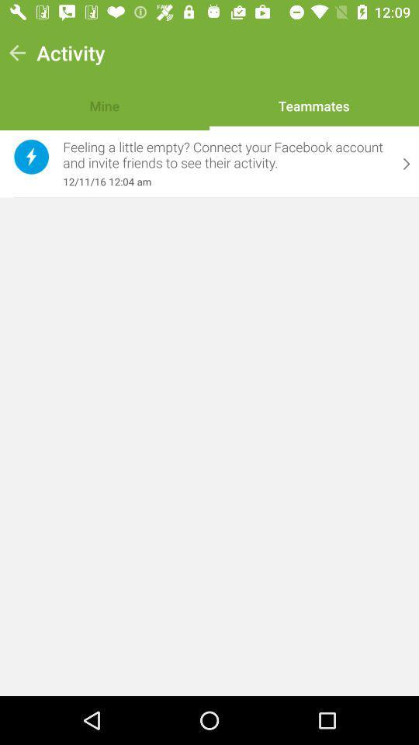  I want to click on the item below the mine, so click(225, 155).